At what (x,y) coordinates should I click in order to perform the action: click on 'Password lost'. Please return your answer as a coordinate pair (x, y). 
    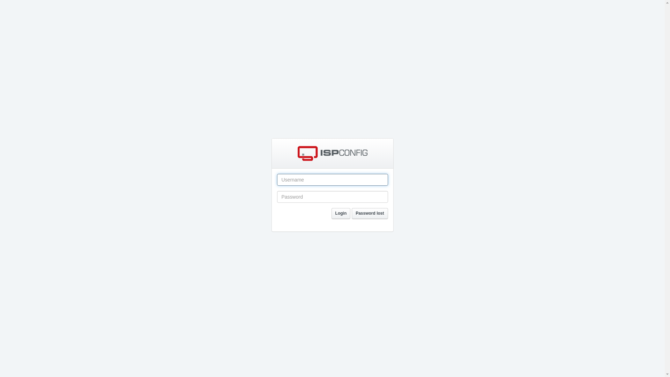
    Looking at the image, I should click on (369, 213).